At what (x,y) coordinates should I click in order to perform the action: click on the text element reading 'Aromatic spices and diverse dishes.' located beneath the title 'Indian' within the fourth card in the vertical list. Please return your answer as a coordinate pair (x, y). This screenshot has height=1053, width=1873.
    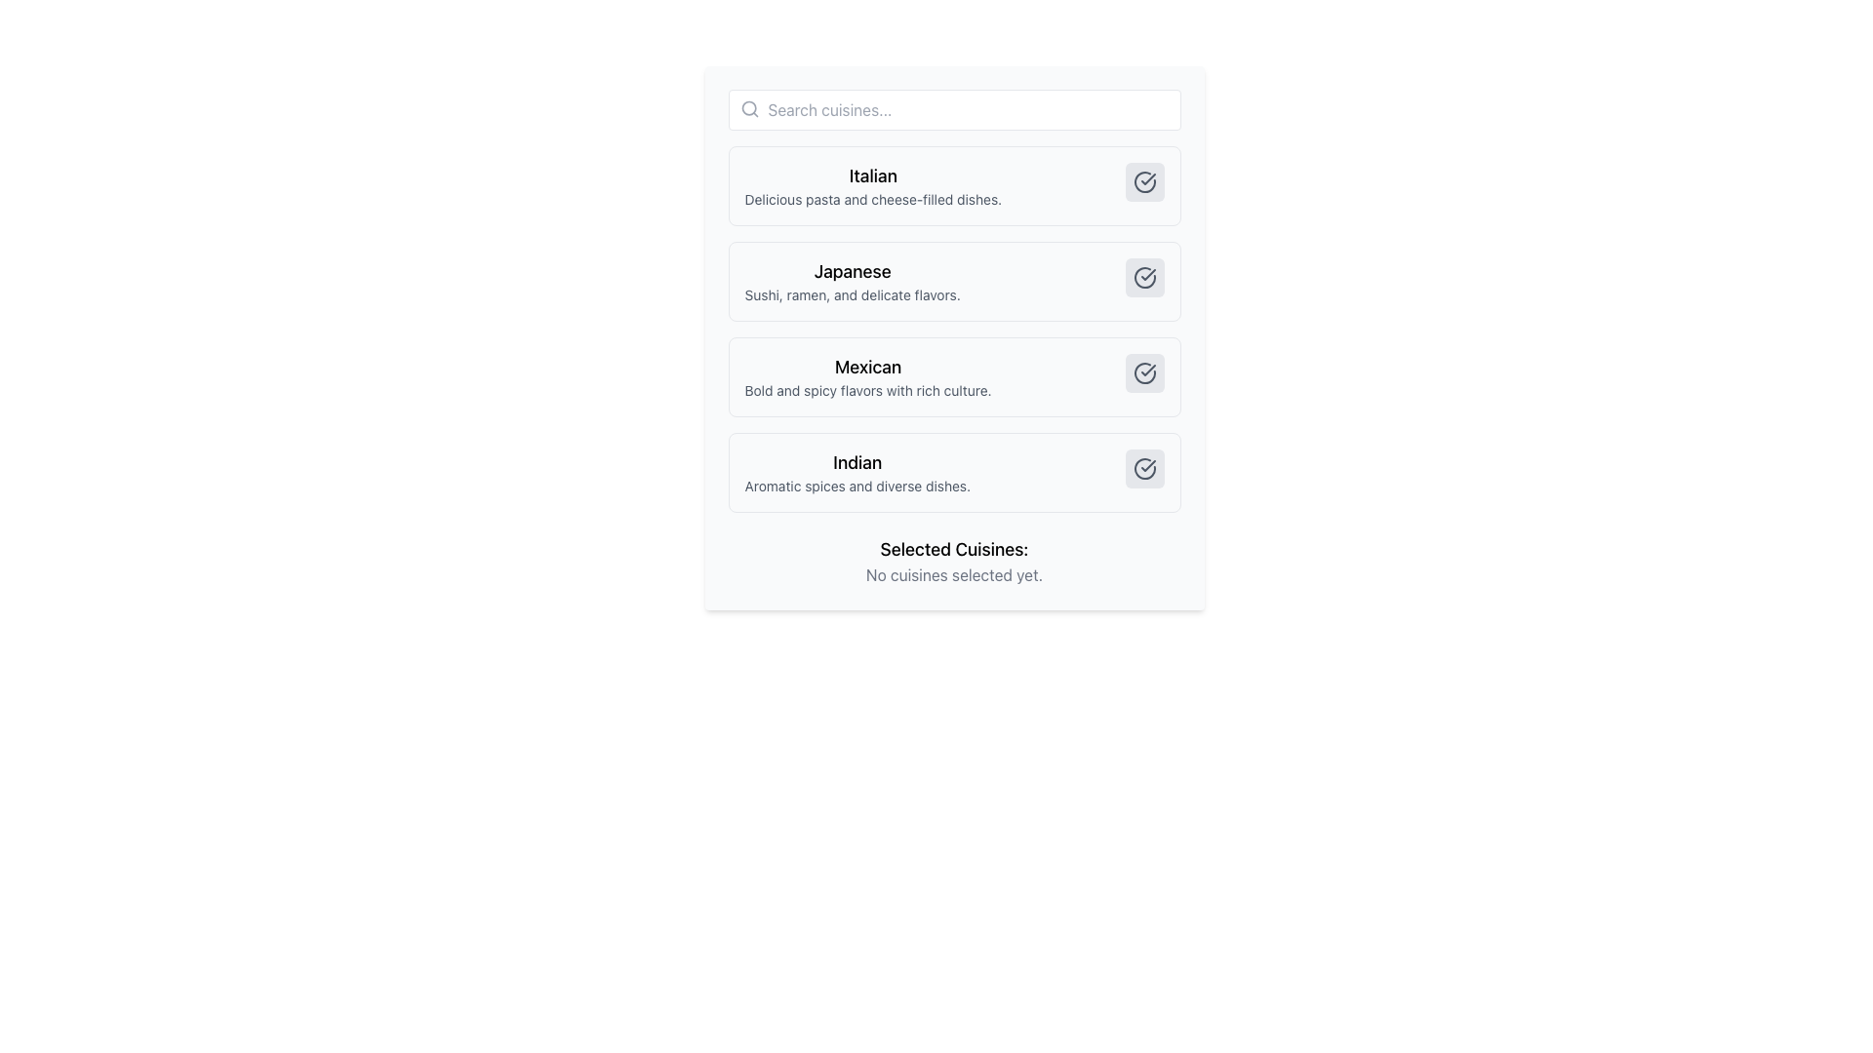
    Looking at the image, I should click on (857, 485).